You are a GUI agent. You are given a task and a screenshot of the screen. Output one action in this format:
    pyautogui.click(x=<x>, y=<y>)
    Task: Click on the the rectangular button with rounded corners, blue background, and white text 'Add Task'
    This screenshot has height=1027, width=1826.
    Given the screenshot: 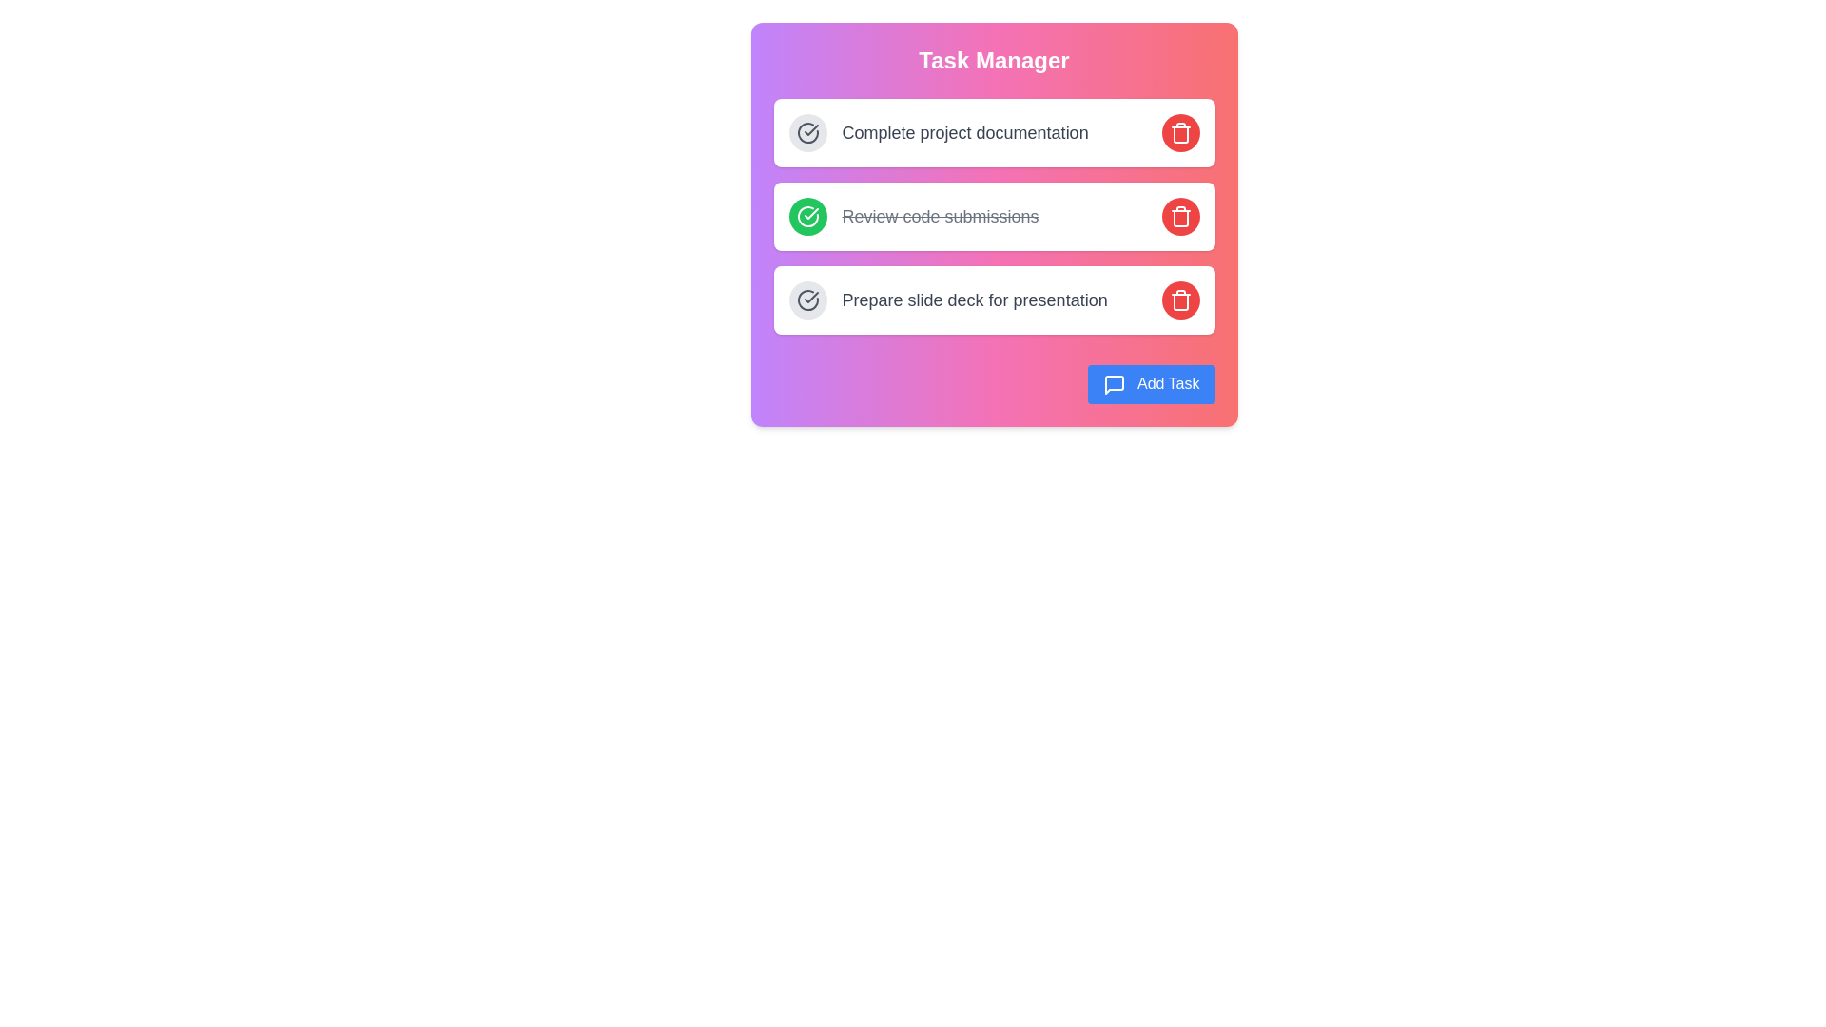 What is the action you would take?
    pyautogui.click(x=1150, y=384)
    